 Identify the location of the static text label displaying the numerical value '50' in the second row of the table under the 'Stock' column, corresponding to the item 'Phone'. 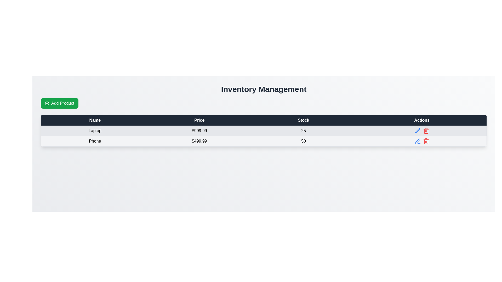
(304, 141).